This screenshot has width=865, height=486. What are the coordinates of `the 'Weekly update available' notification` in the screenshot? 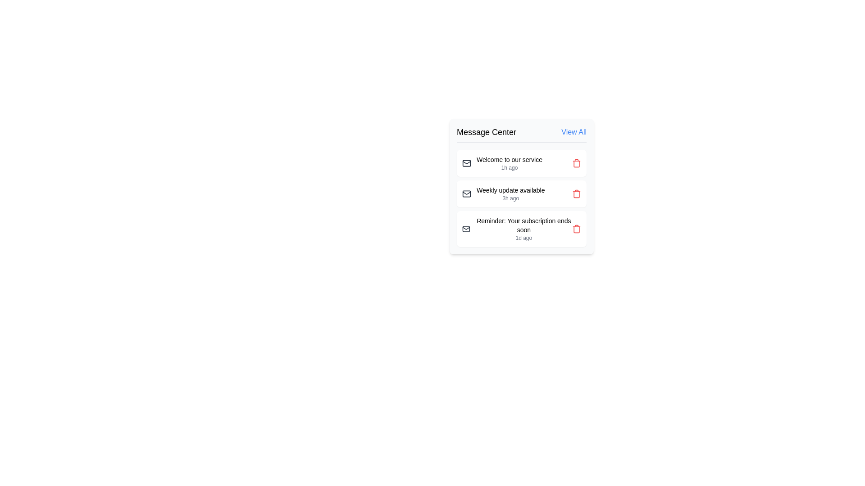 It's located at (510, 193).